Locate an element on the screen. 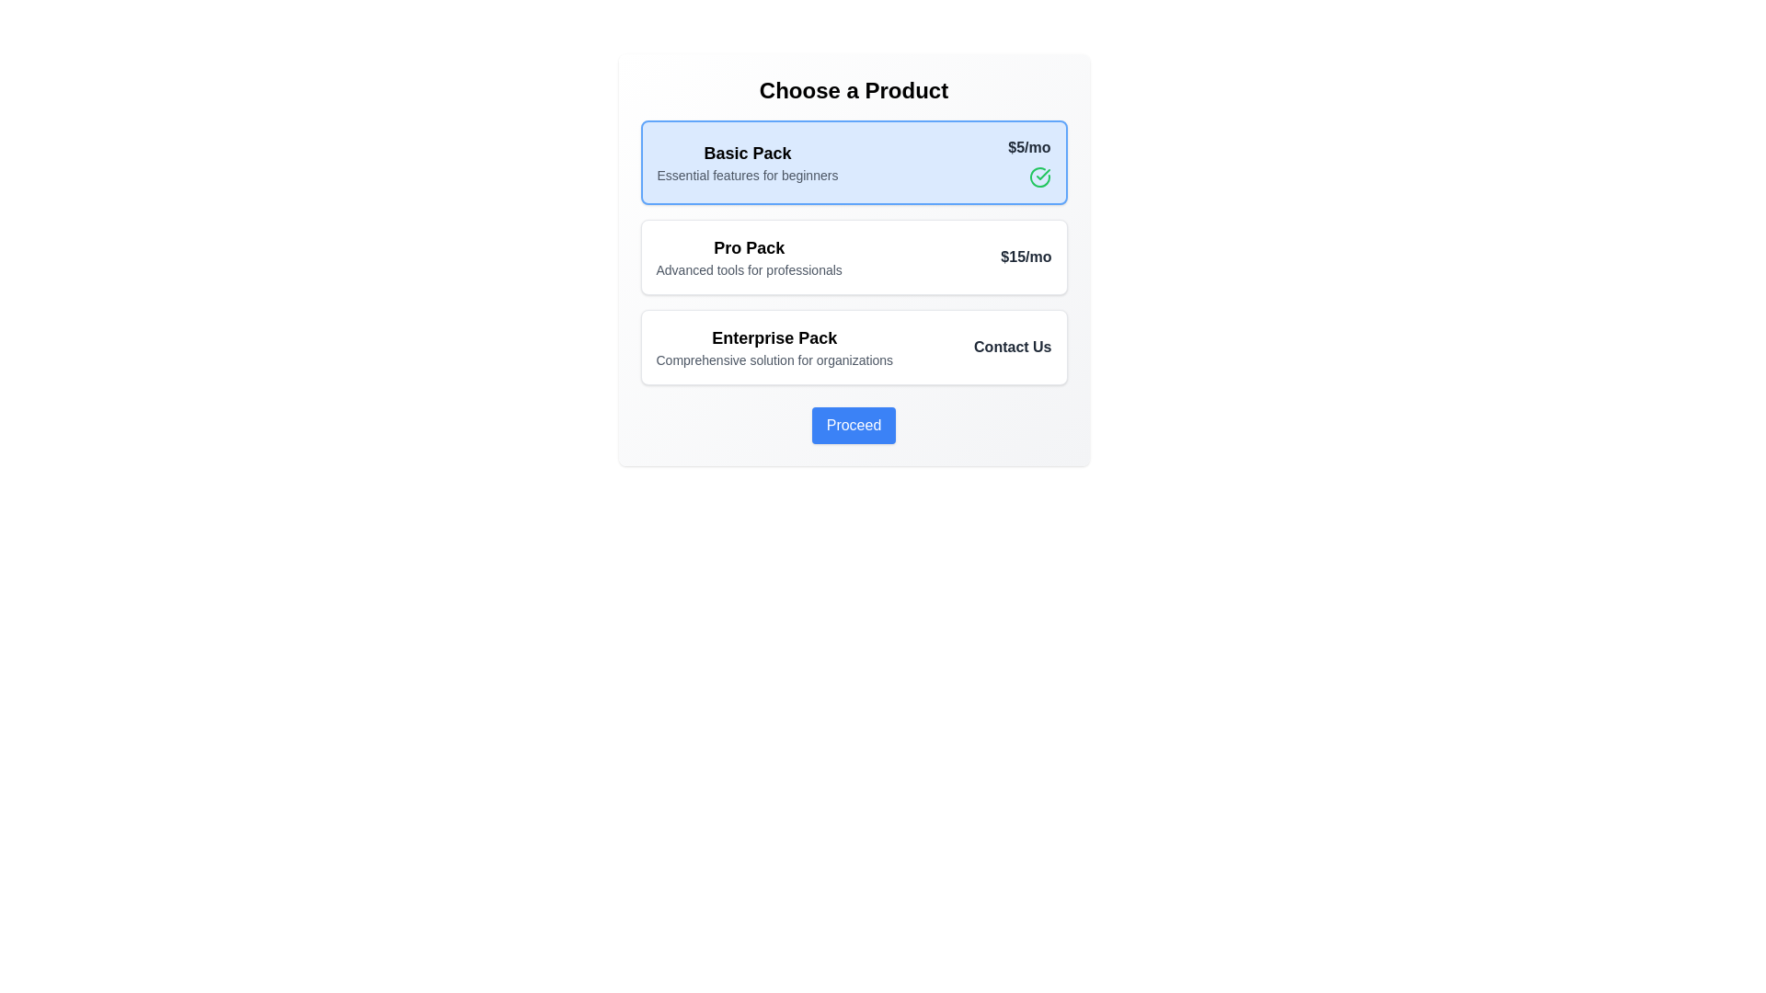  the text label that provides additional descriptive information about the 'Basic Pack' product option, located beneath the 'Basic Pack' text in the first option card is located at coordinates (747, 176).